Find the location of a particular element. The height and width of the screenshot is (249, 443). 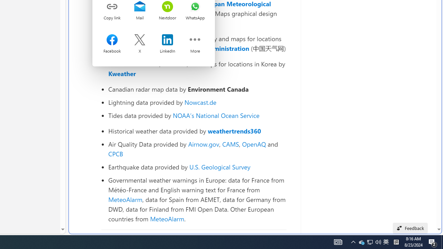

'Canadian radar map data by Environment Canada' is located at coordinates (197, 89).